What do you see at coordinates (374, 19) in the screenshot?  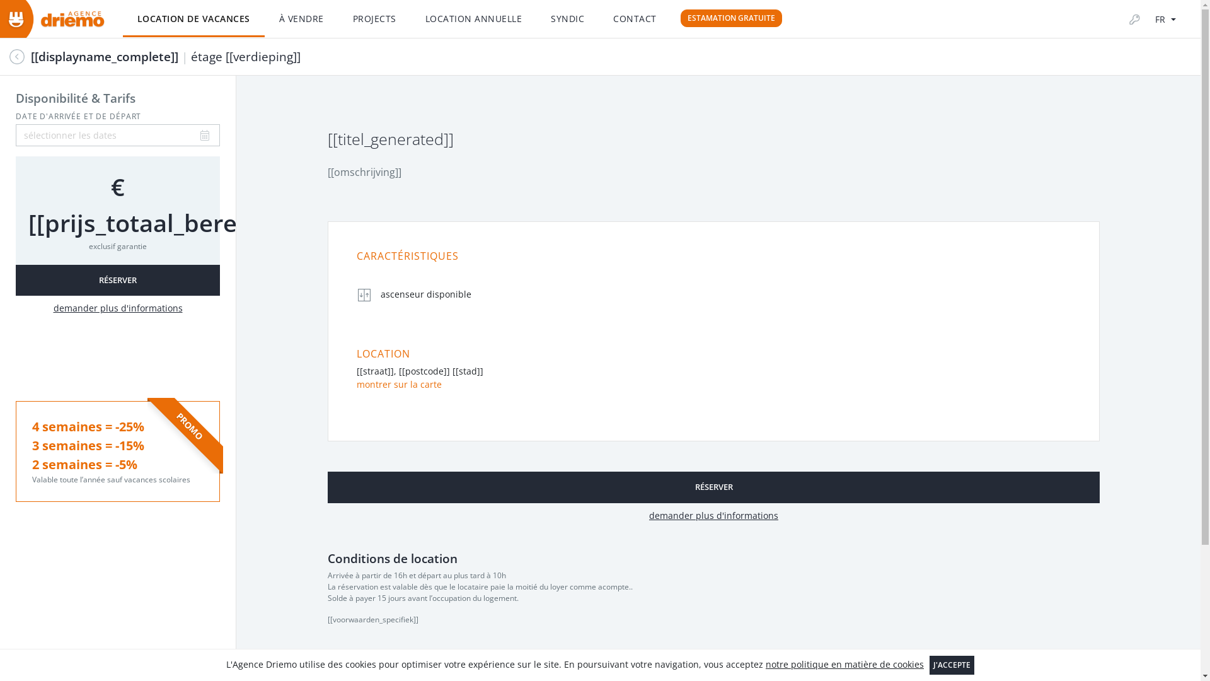 I see `'PROJECTS'` at bounding box center [374, 19].